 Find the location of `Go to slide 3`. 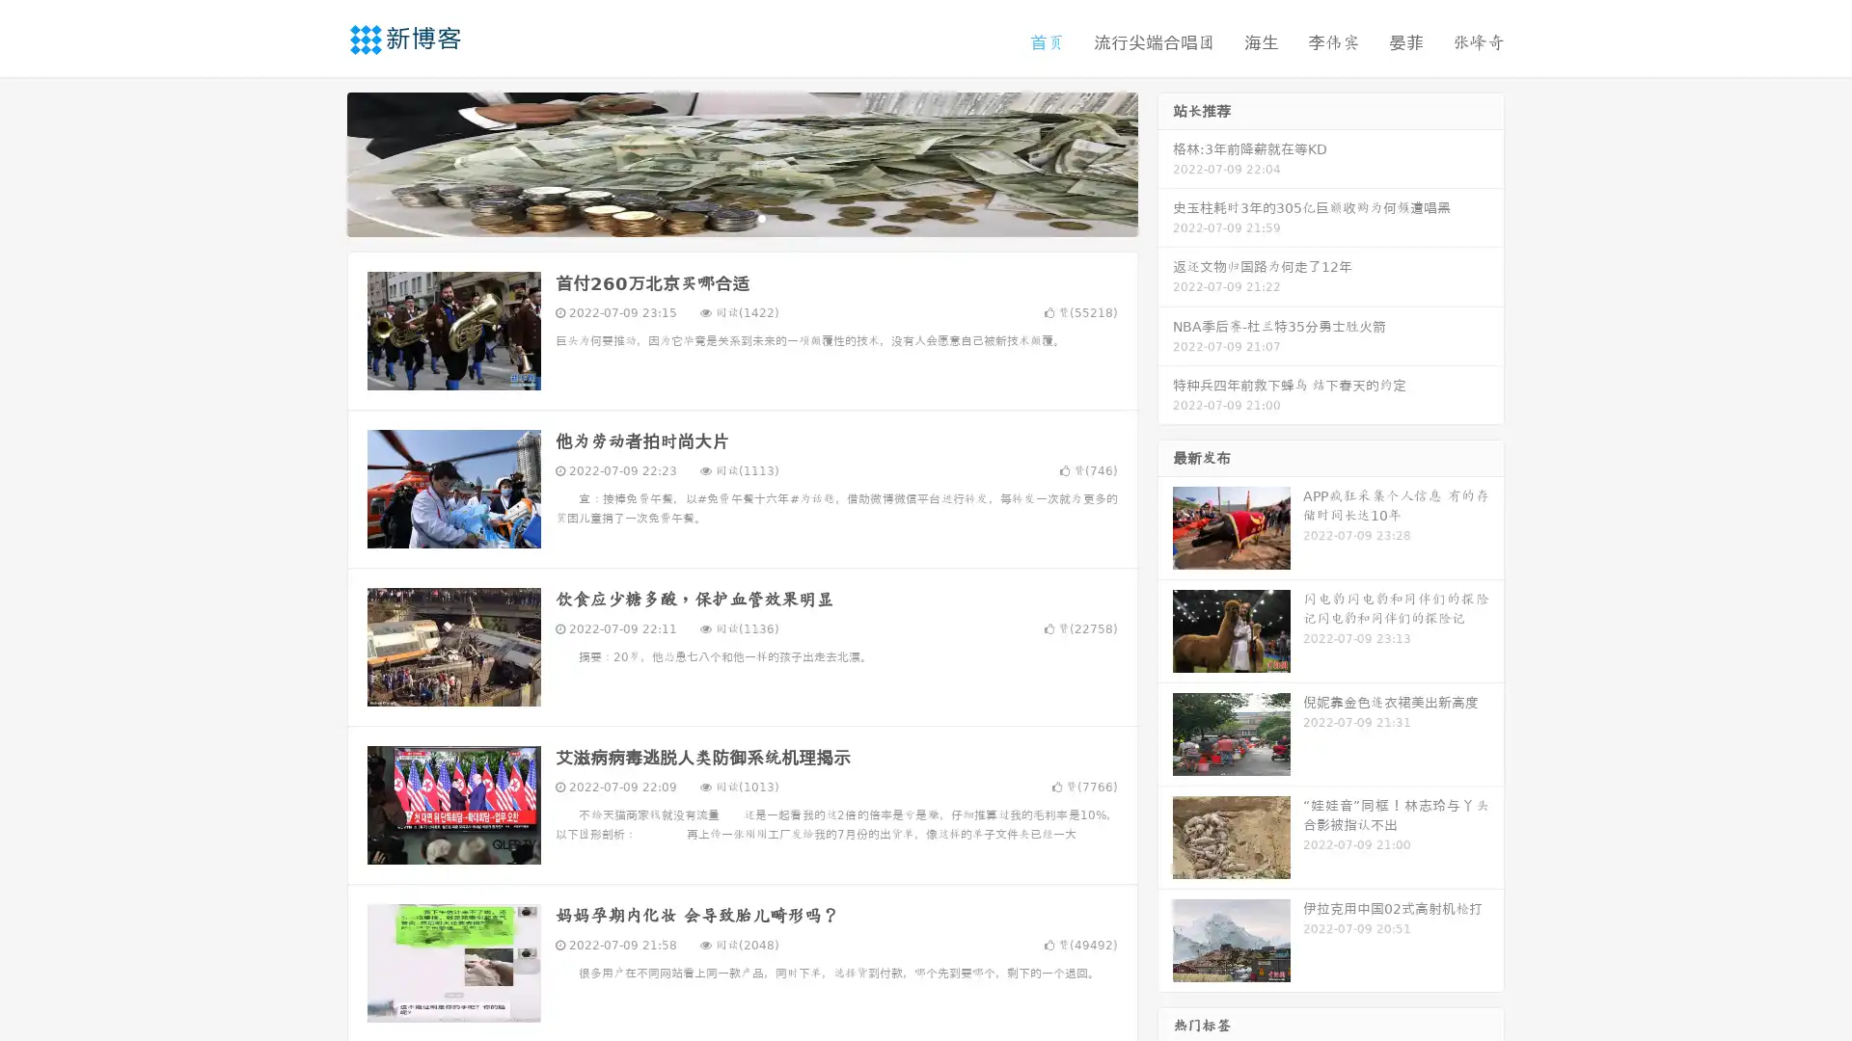

Go to slide 3 is located at coordinates (761, 217).